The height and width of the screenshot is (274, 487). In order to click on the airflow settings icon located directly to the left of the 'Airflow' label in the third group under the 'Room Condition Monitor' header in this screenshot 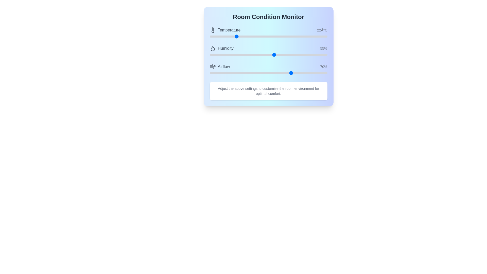, I will do `click(213, 66)`.